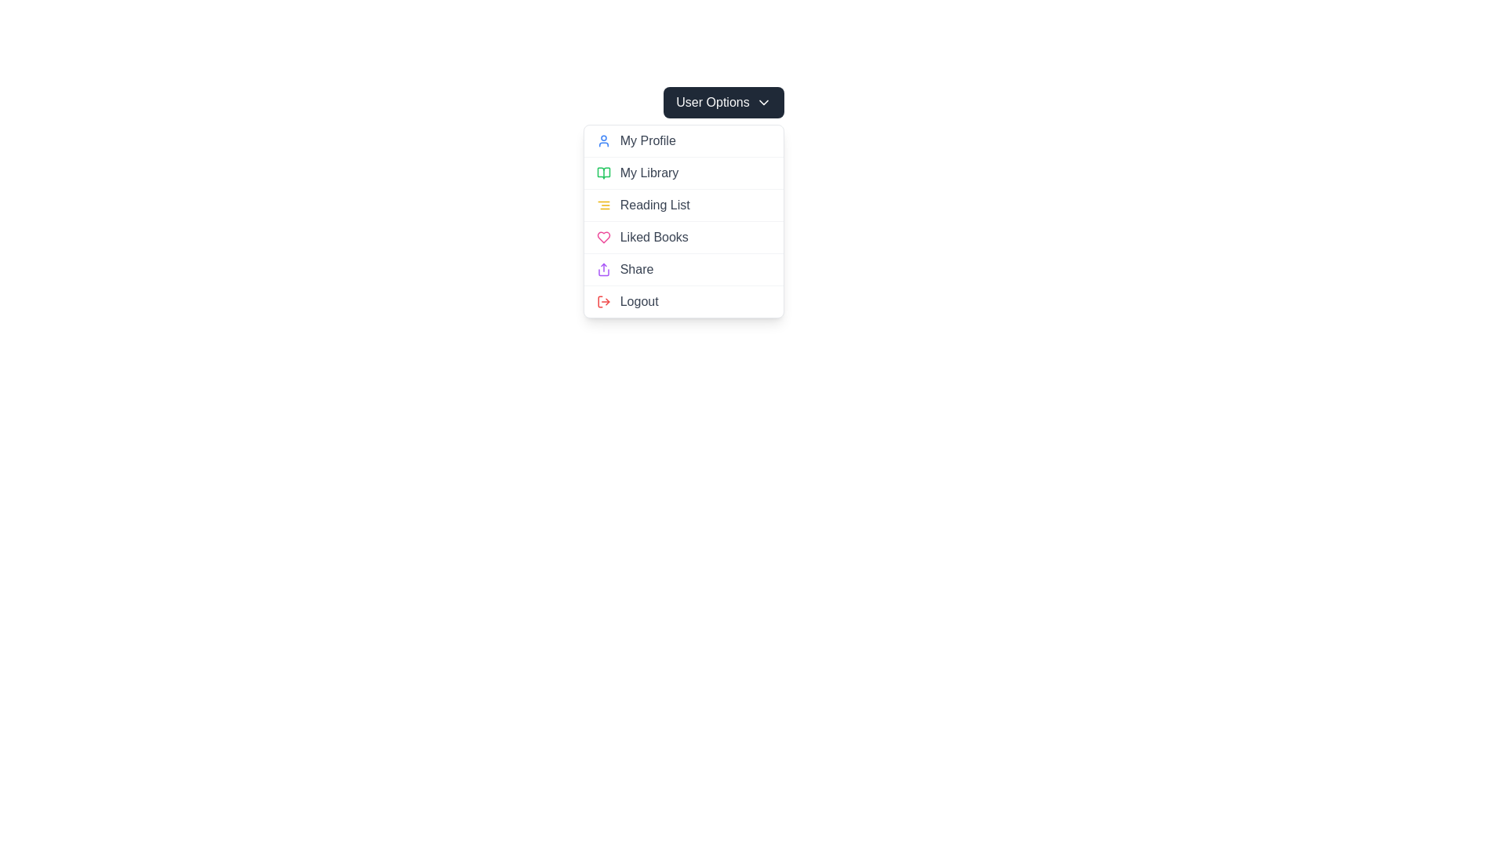 Image resolution: width=1506 pixels, height=847 pixels. Describe the element at coordinates (636, 268) in the screenshot. I see `the 'Share' text label located inside the 'User Options' dropdown menu, which is positioned next to a purple share icon` at that location.